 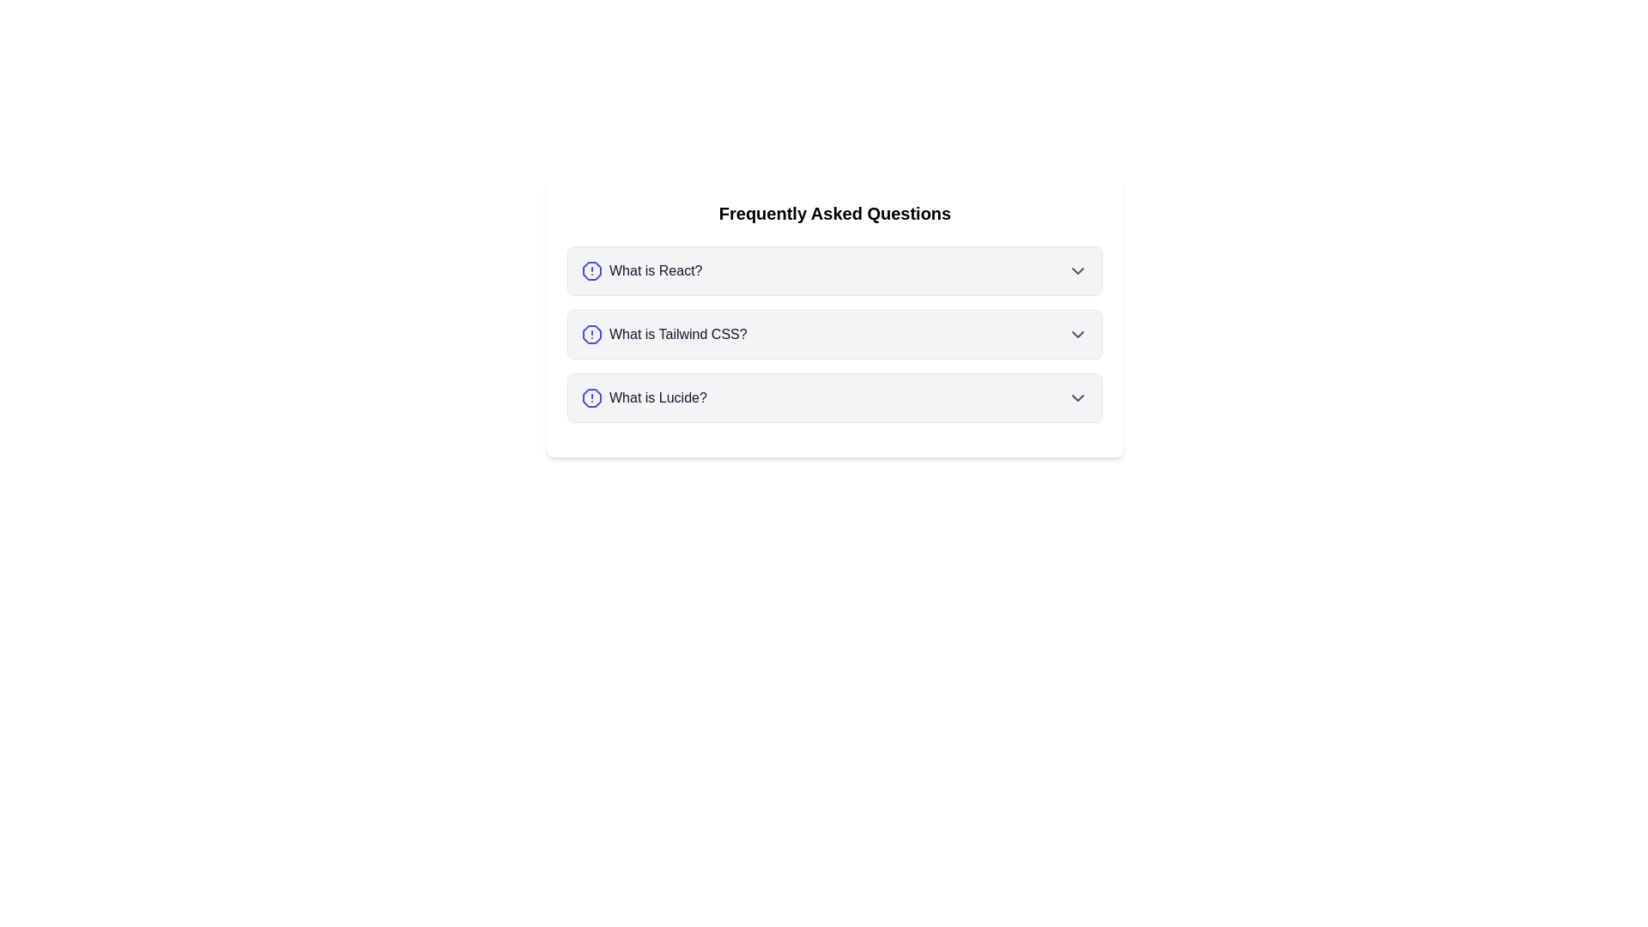 What do you see at coordinates (643, 397) in the screenshot?
I see `the Interactive FAQ question titled 'What is Lucide?'` at bounding box center [643, 397].